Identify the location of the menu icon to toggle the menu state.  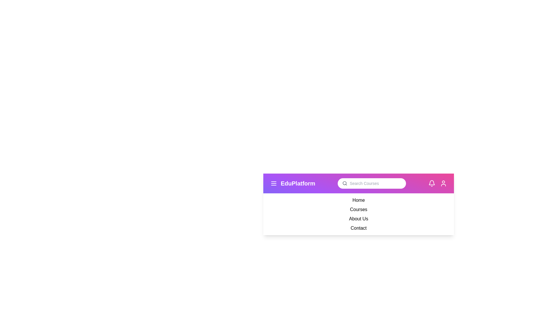
(273, 183).